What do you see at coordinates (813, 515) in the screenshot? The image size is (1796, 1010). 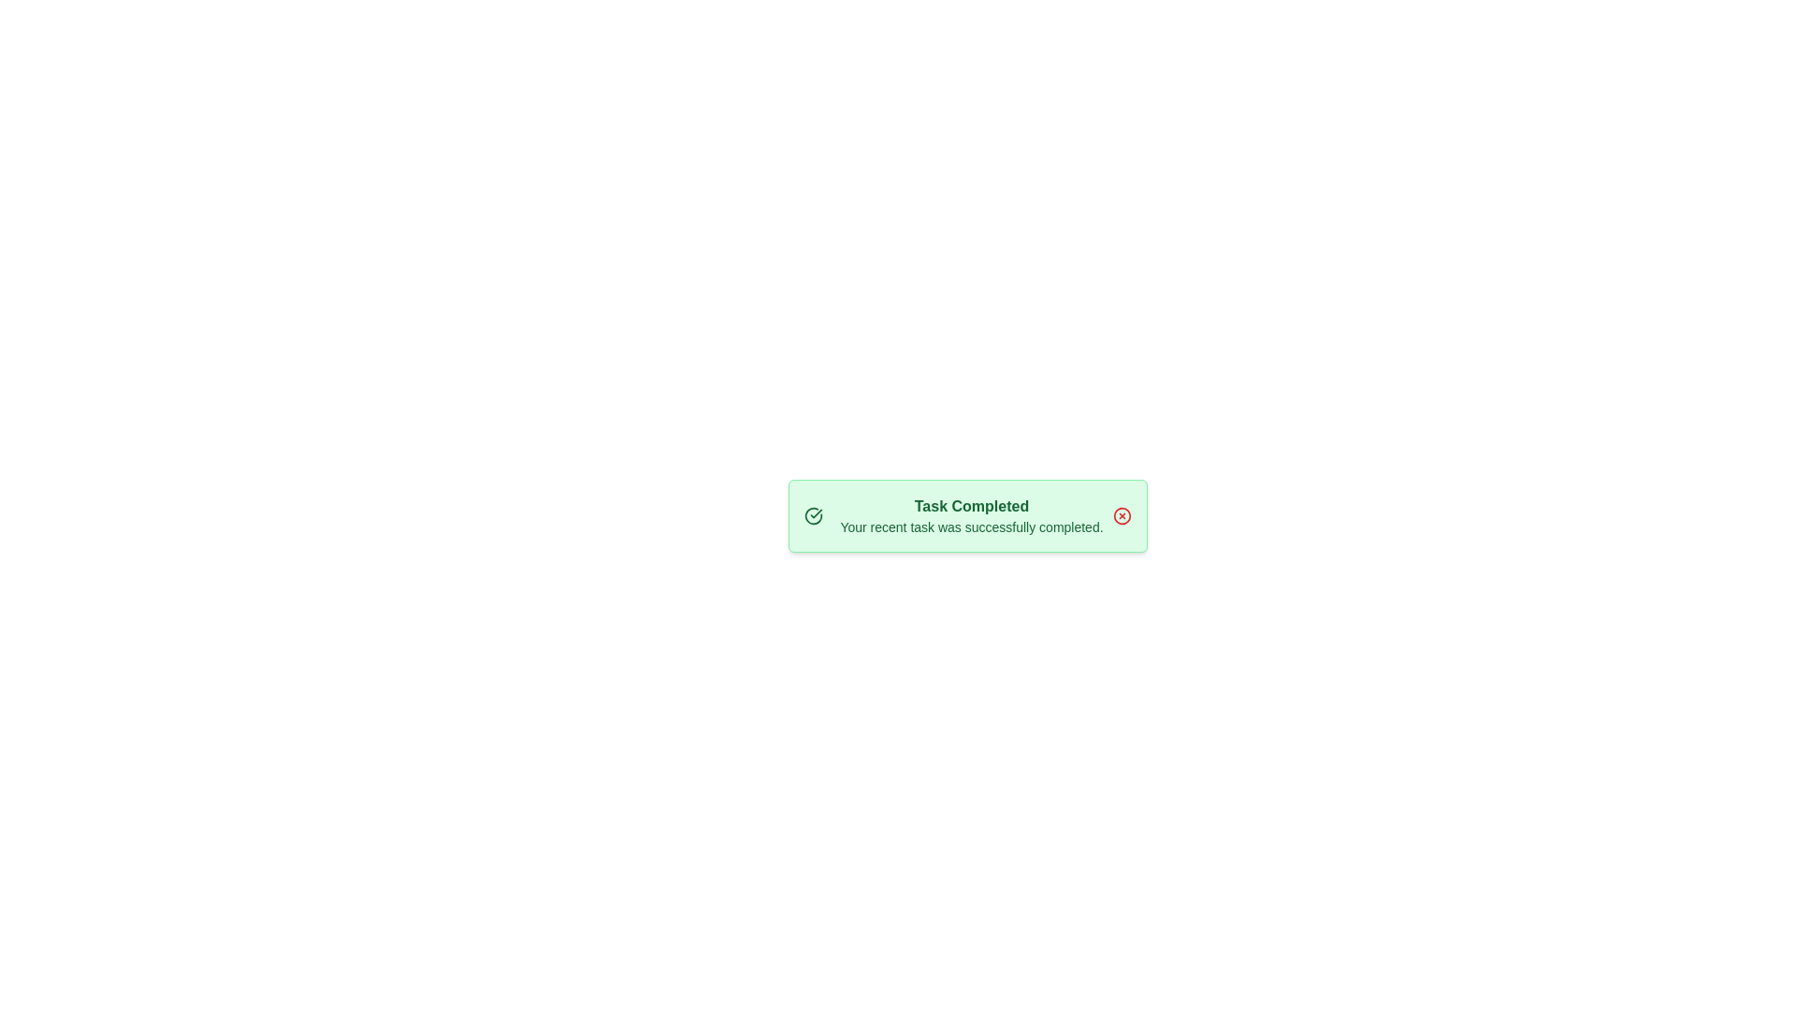 I see `the checkmark icon to interact with it` at bounding box center [813, 515].